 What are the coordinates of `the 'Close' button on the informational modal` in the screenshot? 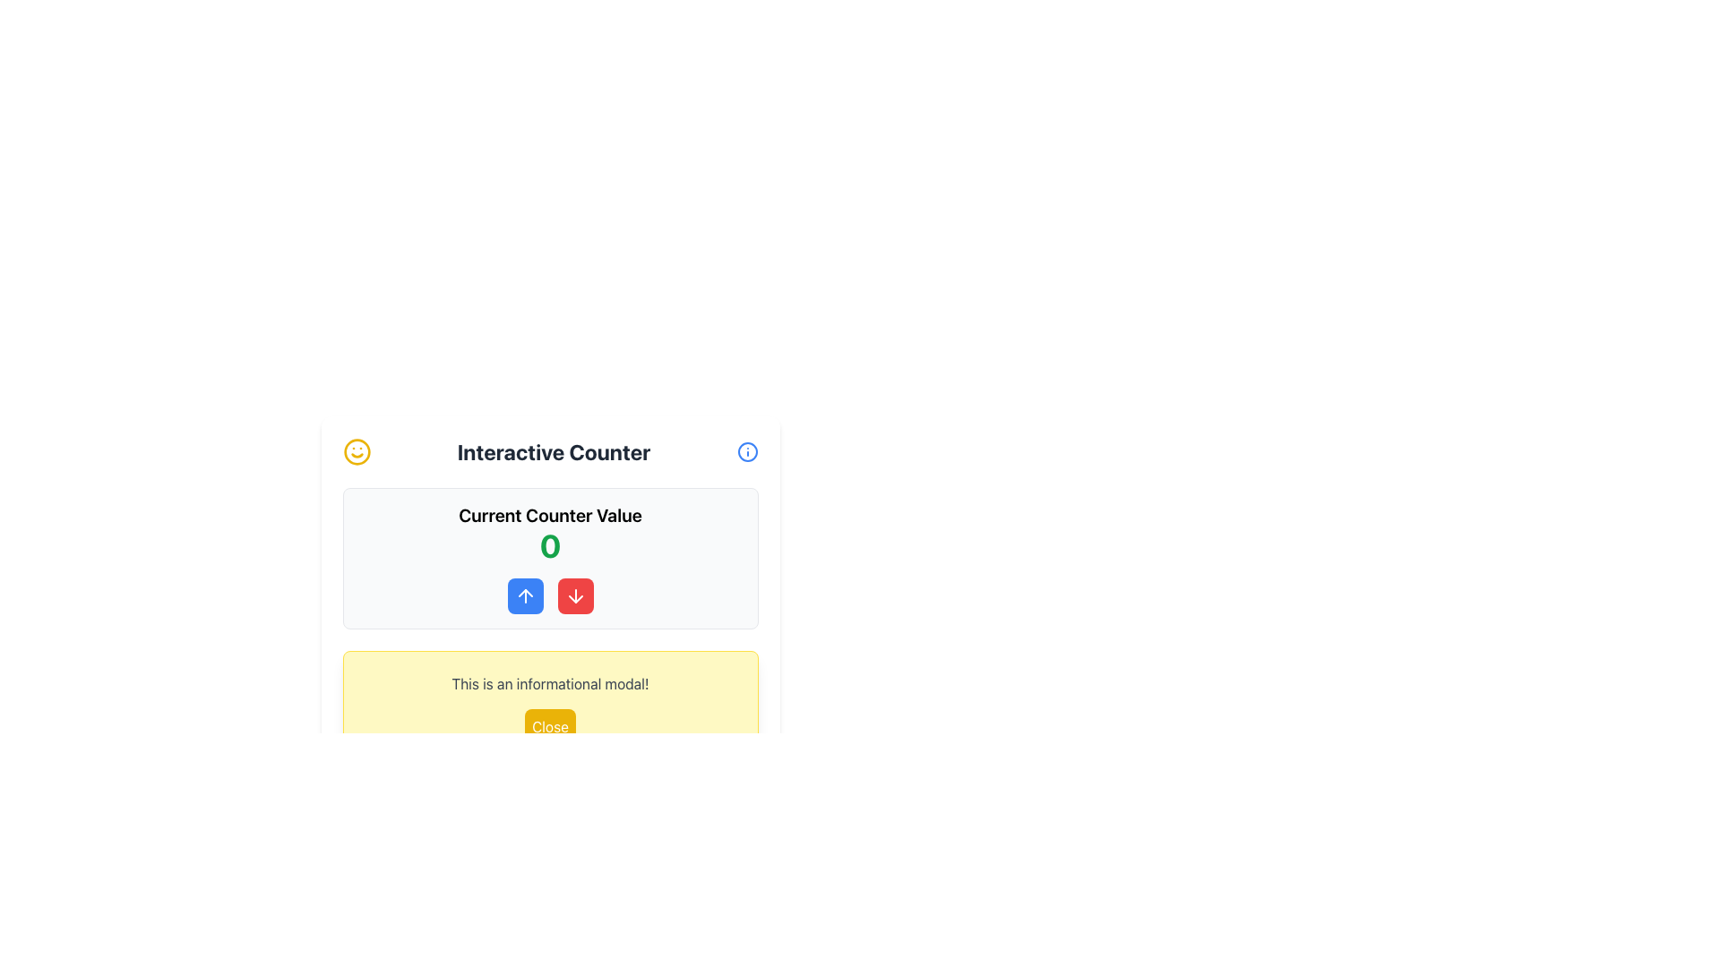 It's located at (549, 707).